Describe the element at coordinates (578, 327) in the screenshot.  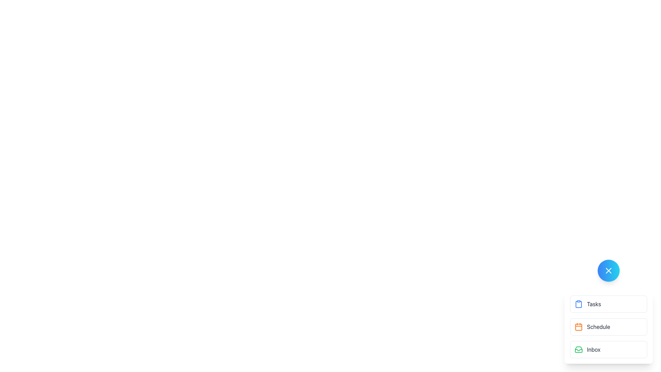
I see `the calendar icon that signifies the 'Schedule' functionality, located at the center of the icon in the vertical stack of three icons` at that location.